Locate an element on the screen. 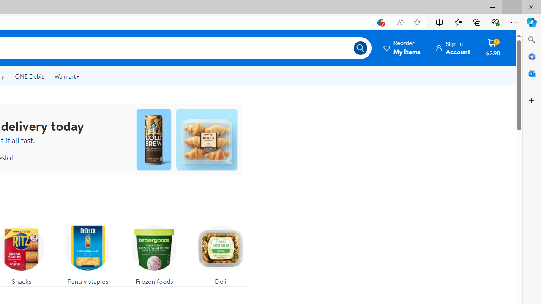 This screenshot has height=304, width=541. 'Sign InAccount' is located at coordinates (453, 48).